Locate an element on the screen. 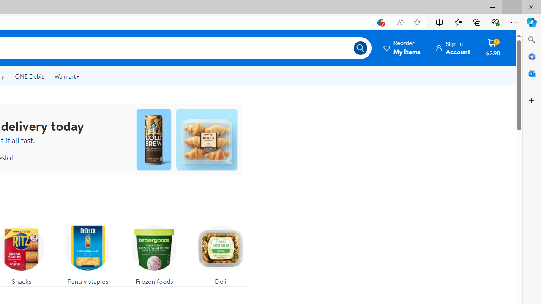 This screenshot has height=304, width=541. 'Sign InAccount' is located at coordinates (453, 48).